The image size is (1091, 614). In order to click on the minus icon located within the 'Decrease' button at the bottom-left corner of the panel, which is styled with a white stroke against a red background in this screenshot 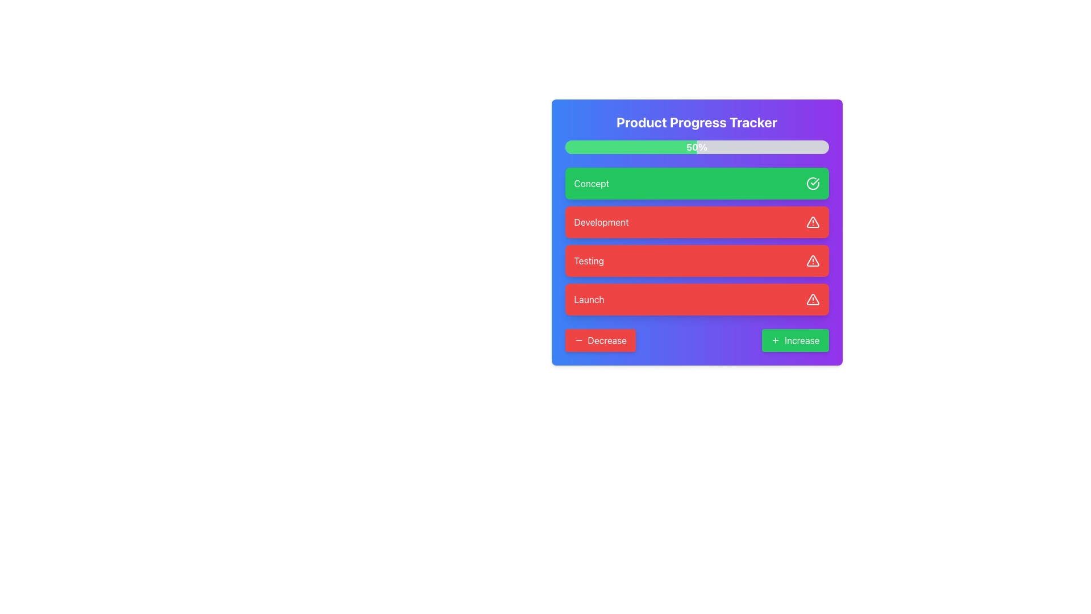, I will do `click(578, 339)`.